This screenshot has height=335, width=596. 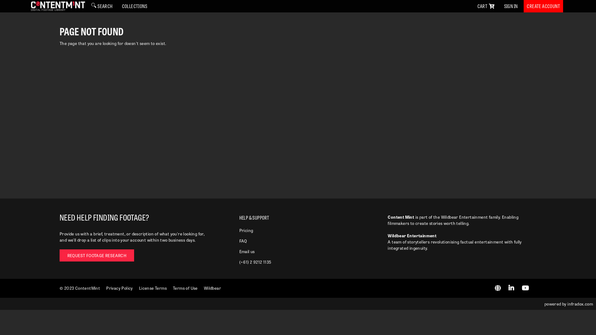 I want to click on 'Wildbear', so click(x=212, y=288).